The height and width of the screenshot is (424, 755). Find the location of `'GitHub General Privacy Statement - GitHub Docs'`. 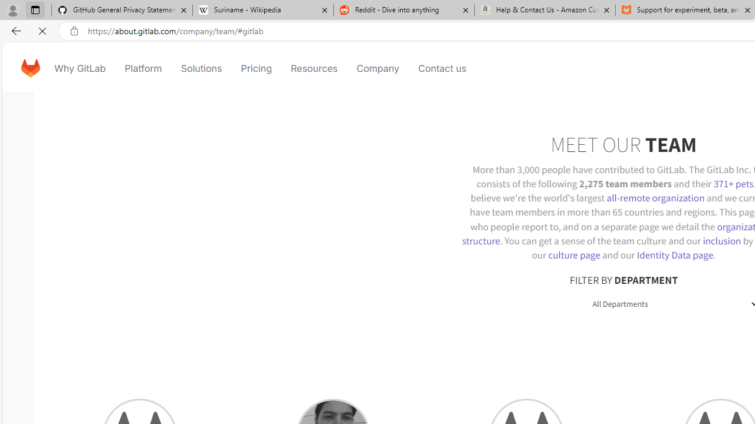

'GitHub General Privacy Statement - GitHub Docs' is located at coordinates (122, 10).